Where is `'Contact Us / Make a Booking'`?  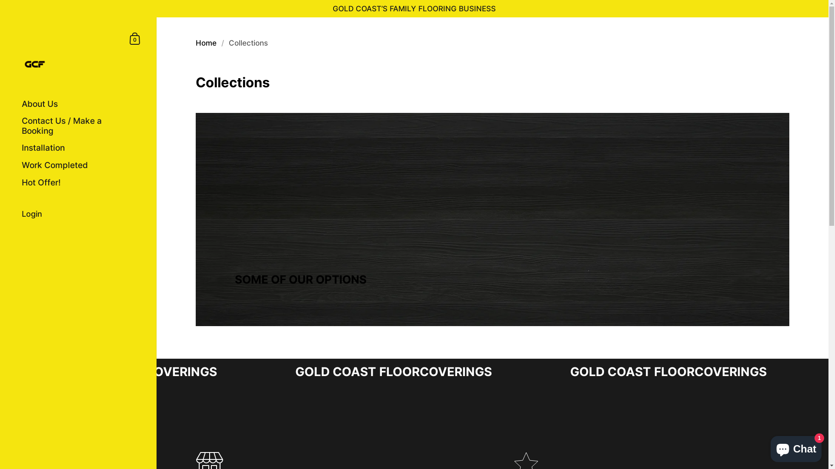 'Contact Us / Make a Booking' is located at coordinates (78, 126).